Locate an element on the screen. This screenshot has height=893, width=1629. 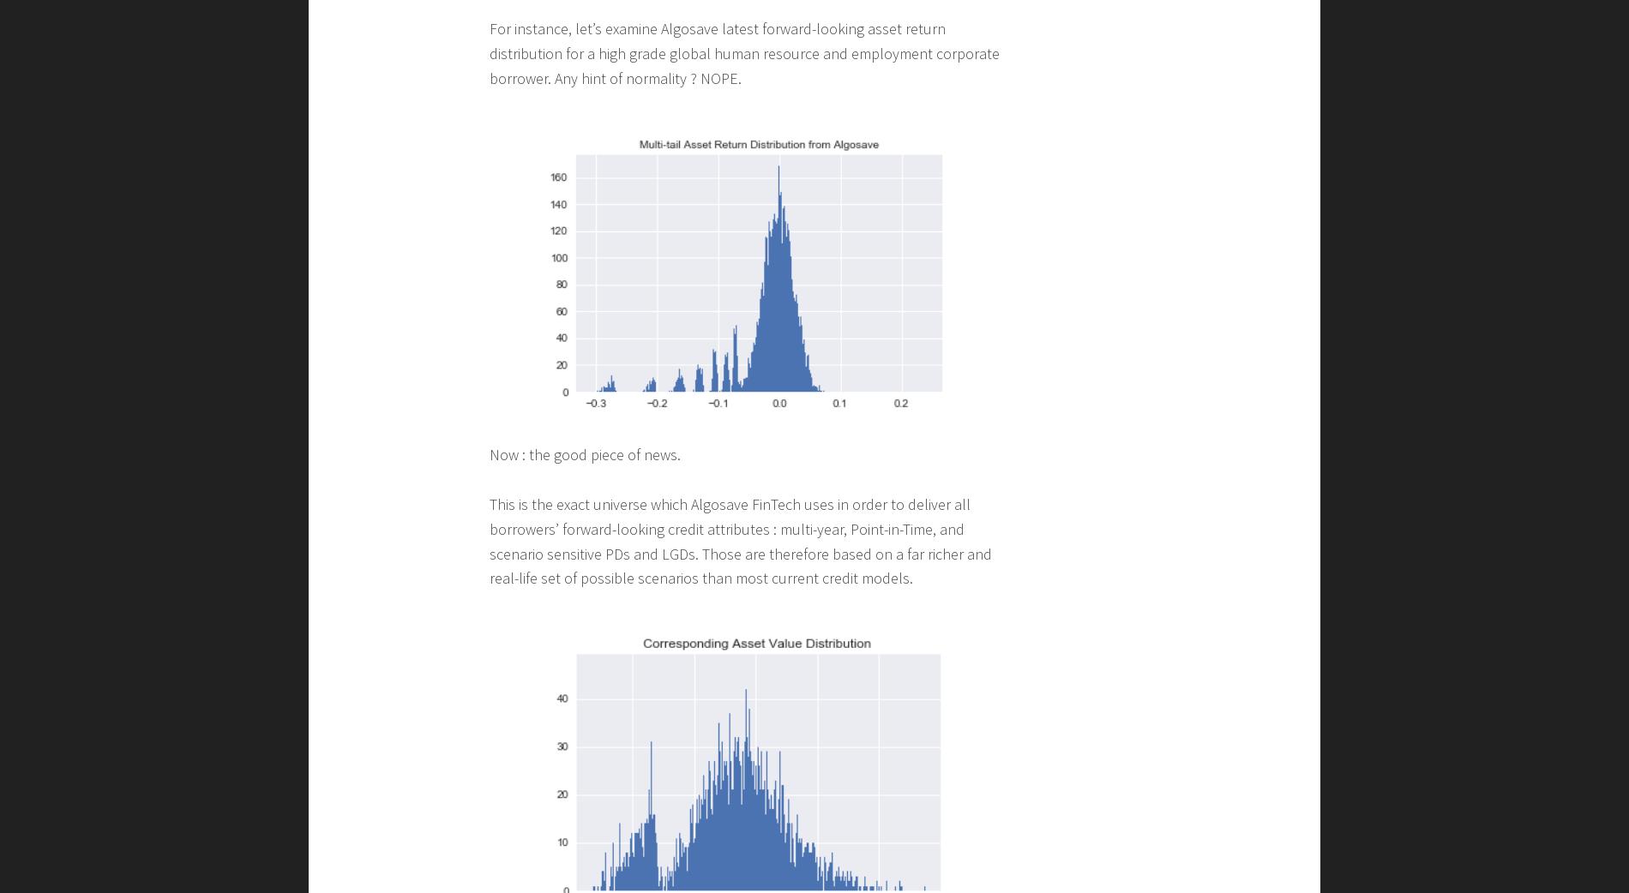
'David Botbol' is located at coordinates (425, 417).